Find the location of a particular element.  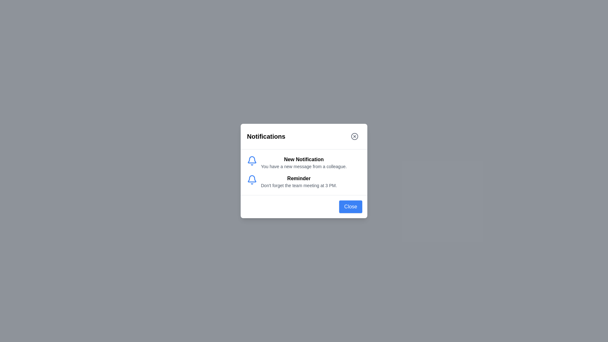

the first notification in the notification block is located at coordinates (304, 162).